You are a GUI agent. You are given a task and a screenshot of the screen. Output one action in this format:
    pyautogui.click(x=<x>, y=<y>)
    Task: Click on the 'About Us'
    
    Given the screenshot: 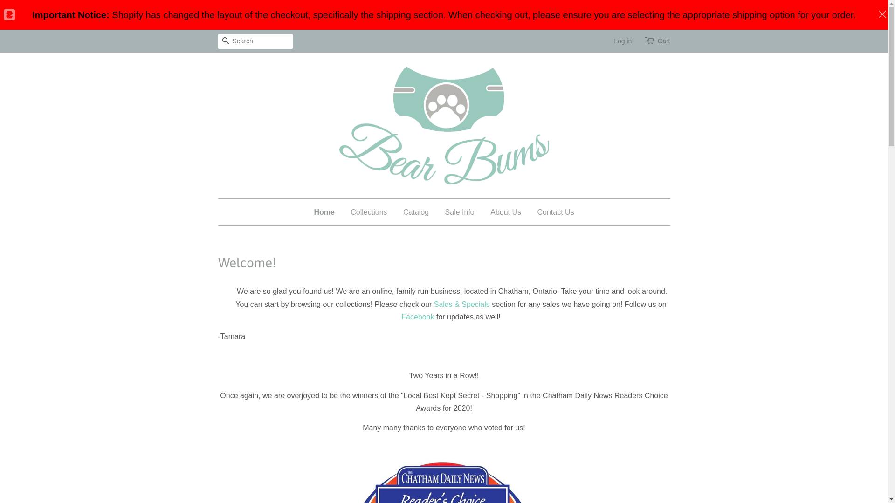 What is the action you would take?
    pyautogui.click(x=505, y=212)
    